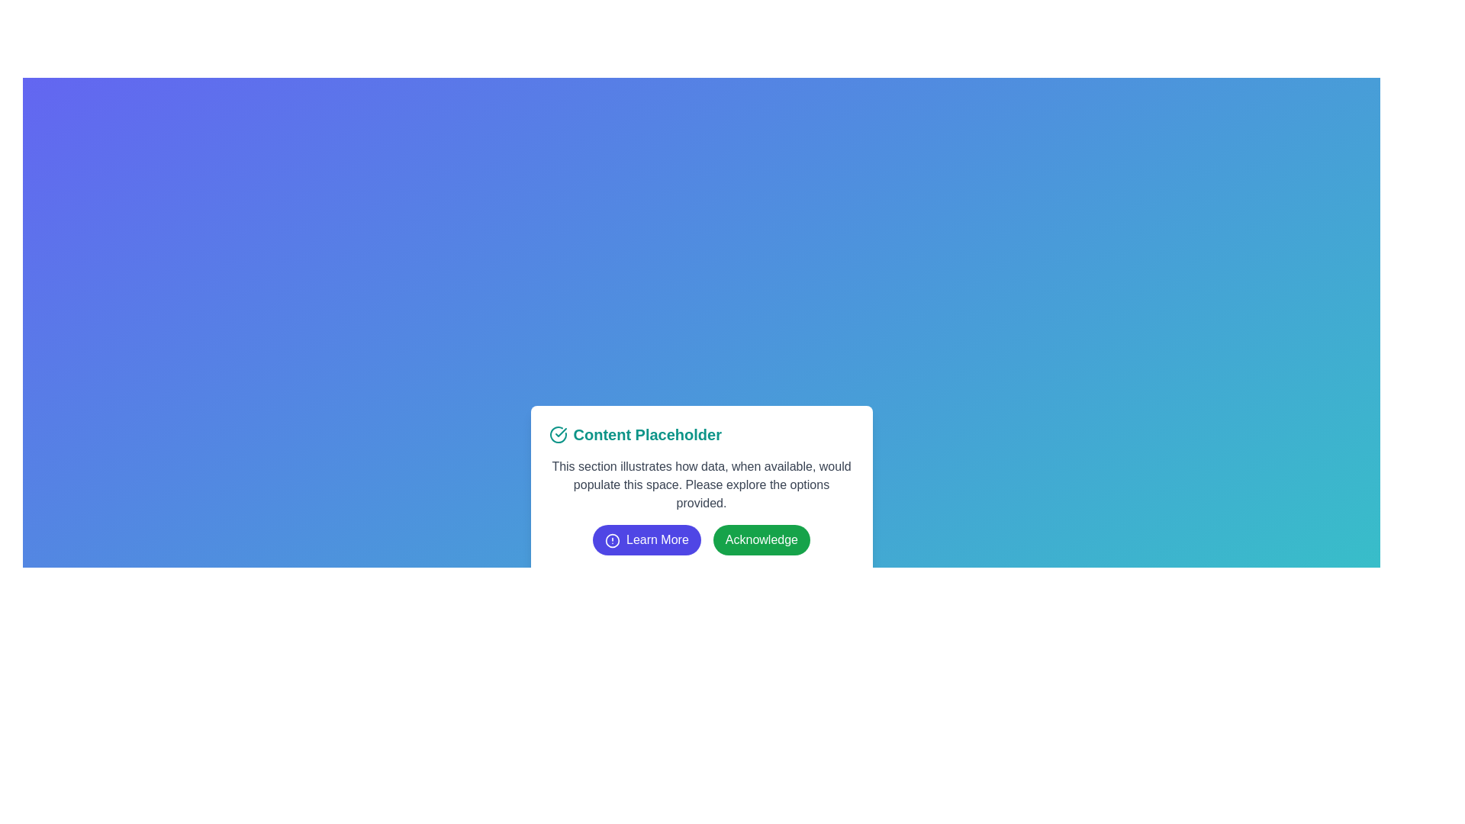 The width and height of the screenshot is (1465, 824). What do you see at coordinates (647, 435) in the screenshot?
I see `the Text label located at the top center of the white card, which serves as a heading or label for the content section` at bounding box center [647, 435].